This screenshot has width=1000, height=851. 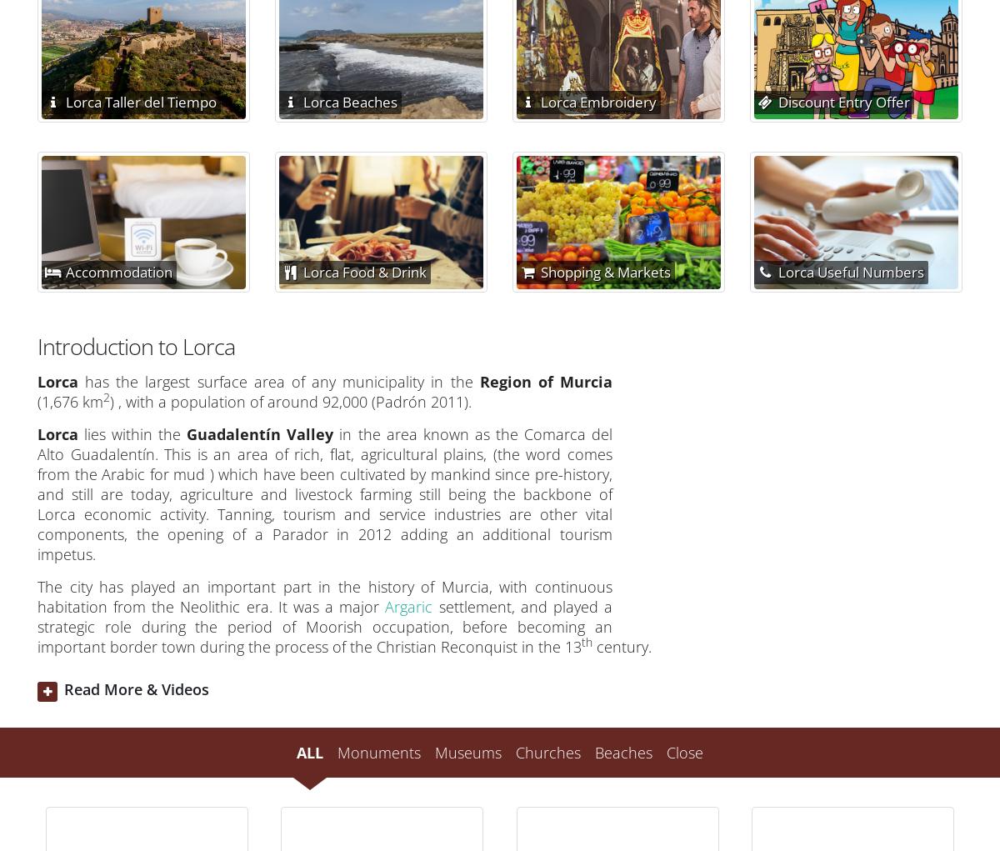 I want to click on 'Close', so click(x=684, y=750).